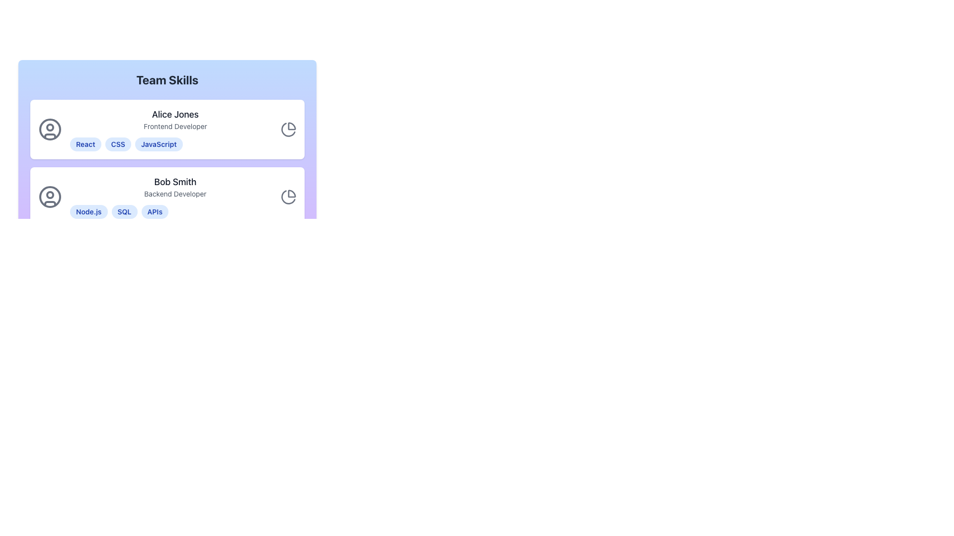 The height and width of the screenshot is (536, 954). Describe the element at coordinates (288, 129) in the screenshot. I see `the gray pie chart-like outlined icon located at the top-right corner of the card for Alice Jones to interact with associated analytics` at that location.